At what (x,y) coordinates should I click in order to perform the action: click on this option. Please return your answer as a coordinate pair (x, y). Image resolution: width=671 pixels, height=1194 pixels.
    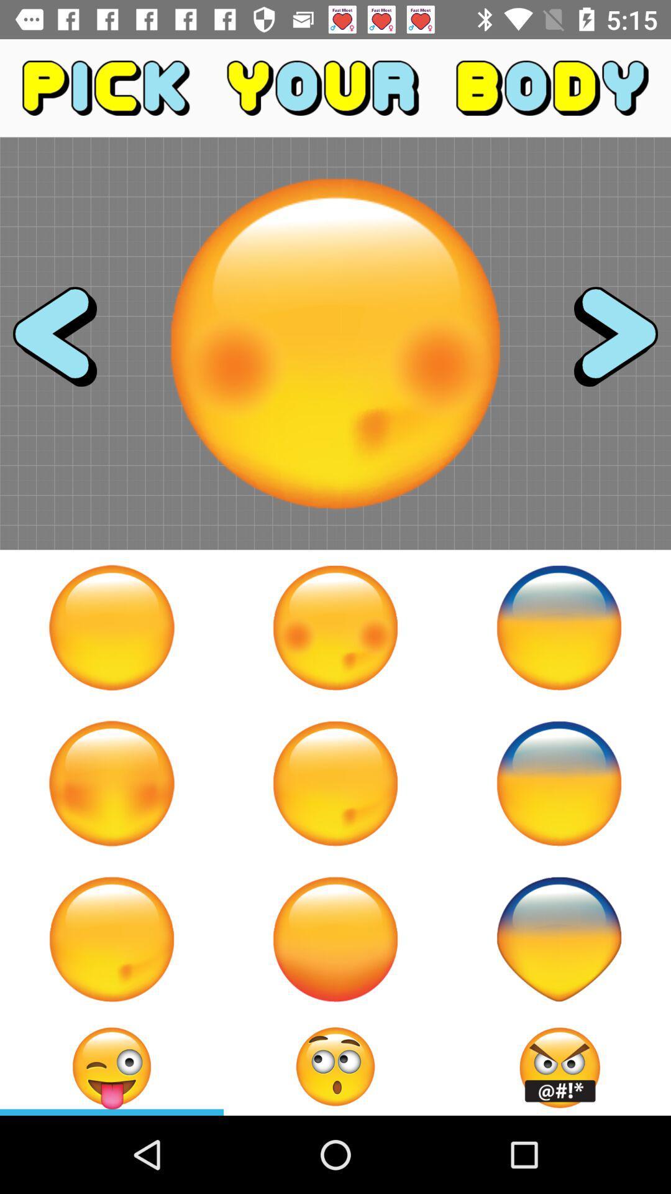
    Looking at the image, I should click on (335, 782).